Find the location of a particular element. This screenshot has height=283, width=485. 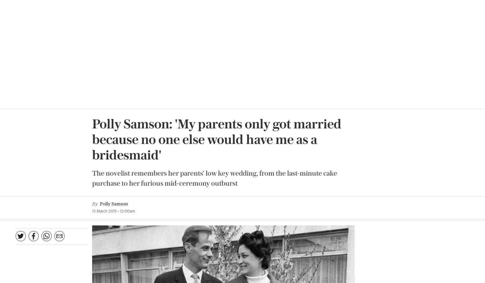

'Interview by Jessamy Calkin' is located at coordinates (252, 143).